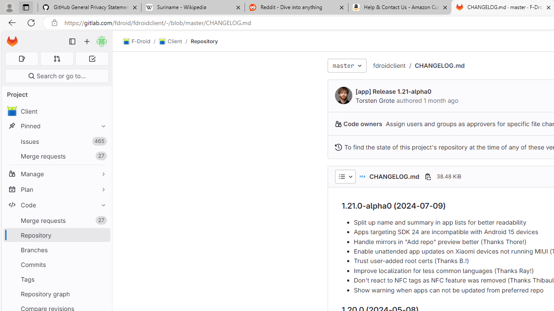 This screenshot has height=311, width=554. What do you see at coordinates (338, 146) in the screenshot?
I see `'Class: s16 gl-mr-1 gl-align-text-bottom'` at bounding box center [338, 146].